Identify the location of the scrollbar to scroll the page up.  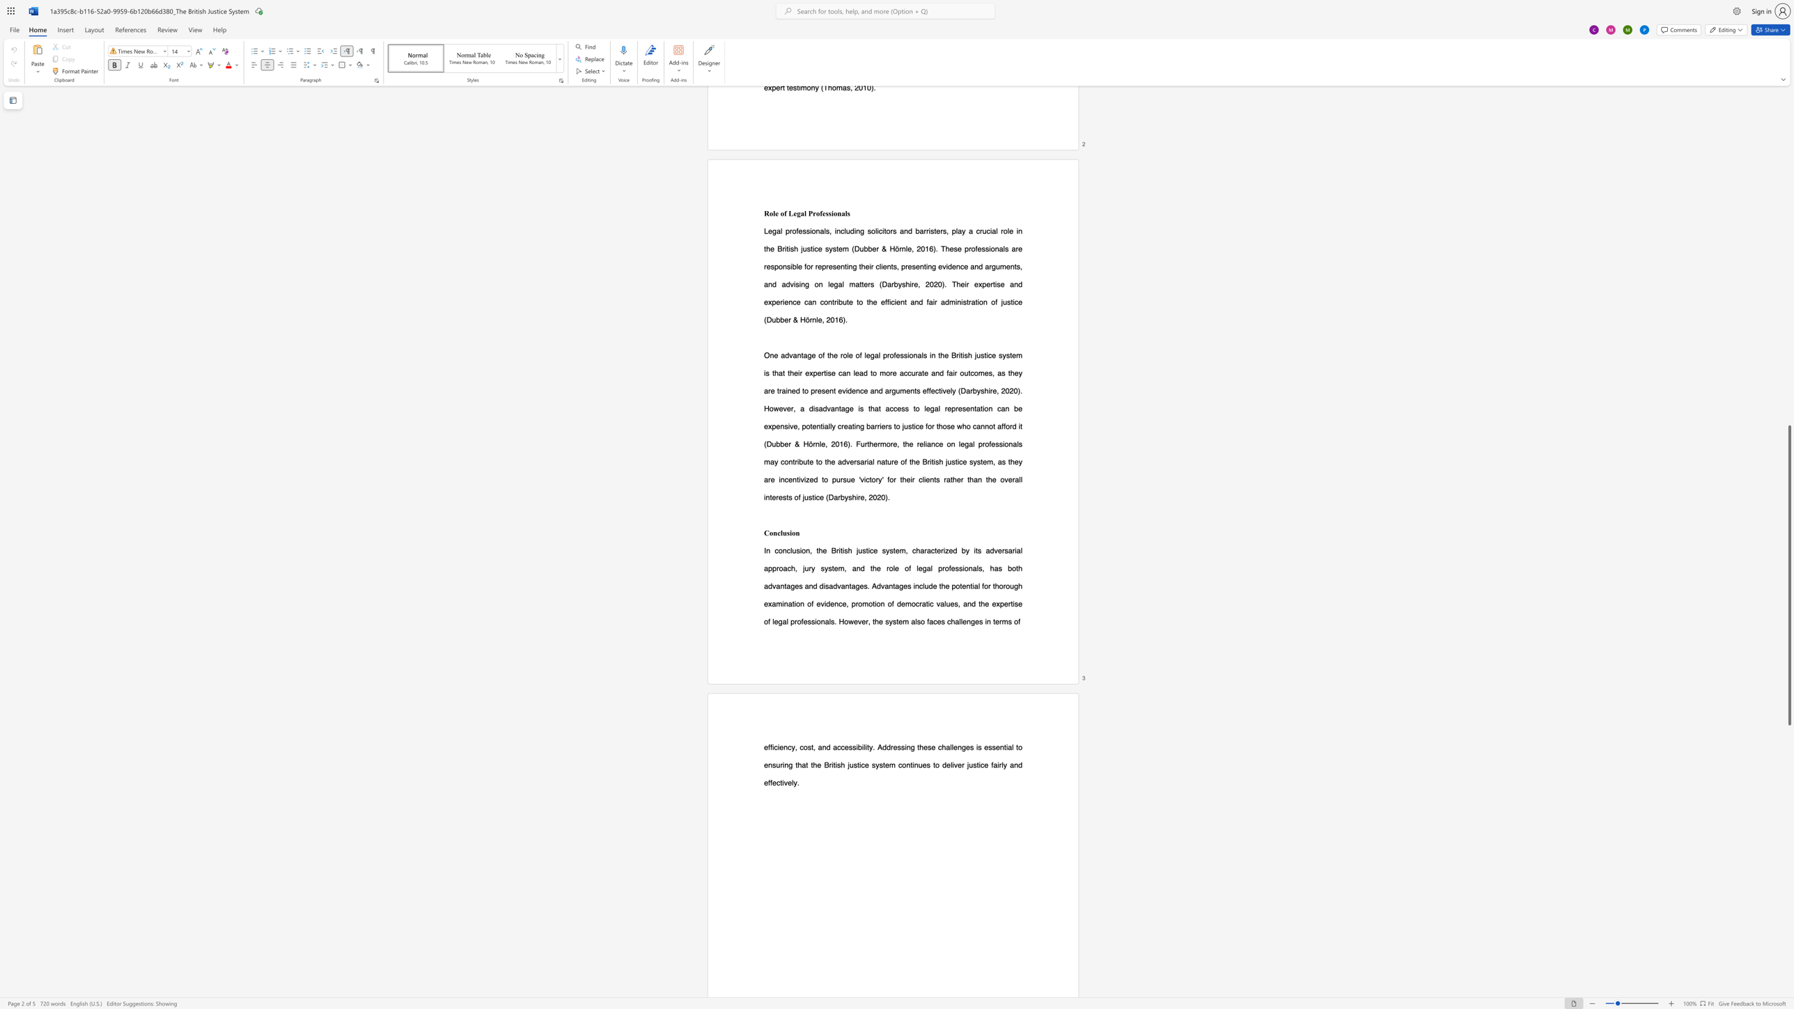
(1788, 303).